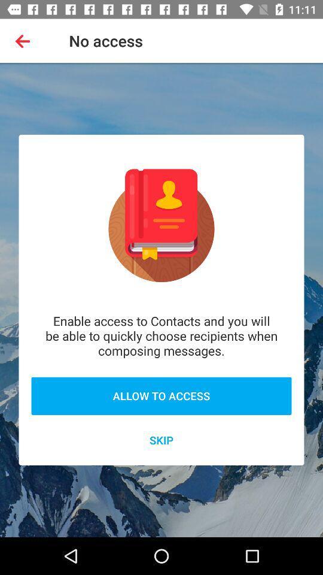  What do you see at coordinates (161, 439) in the screenshot?
I see `the icon below the allow to access icon` at bounding box center [161, 439].